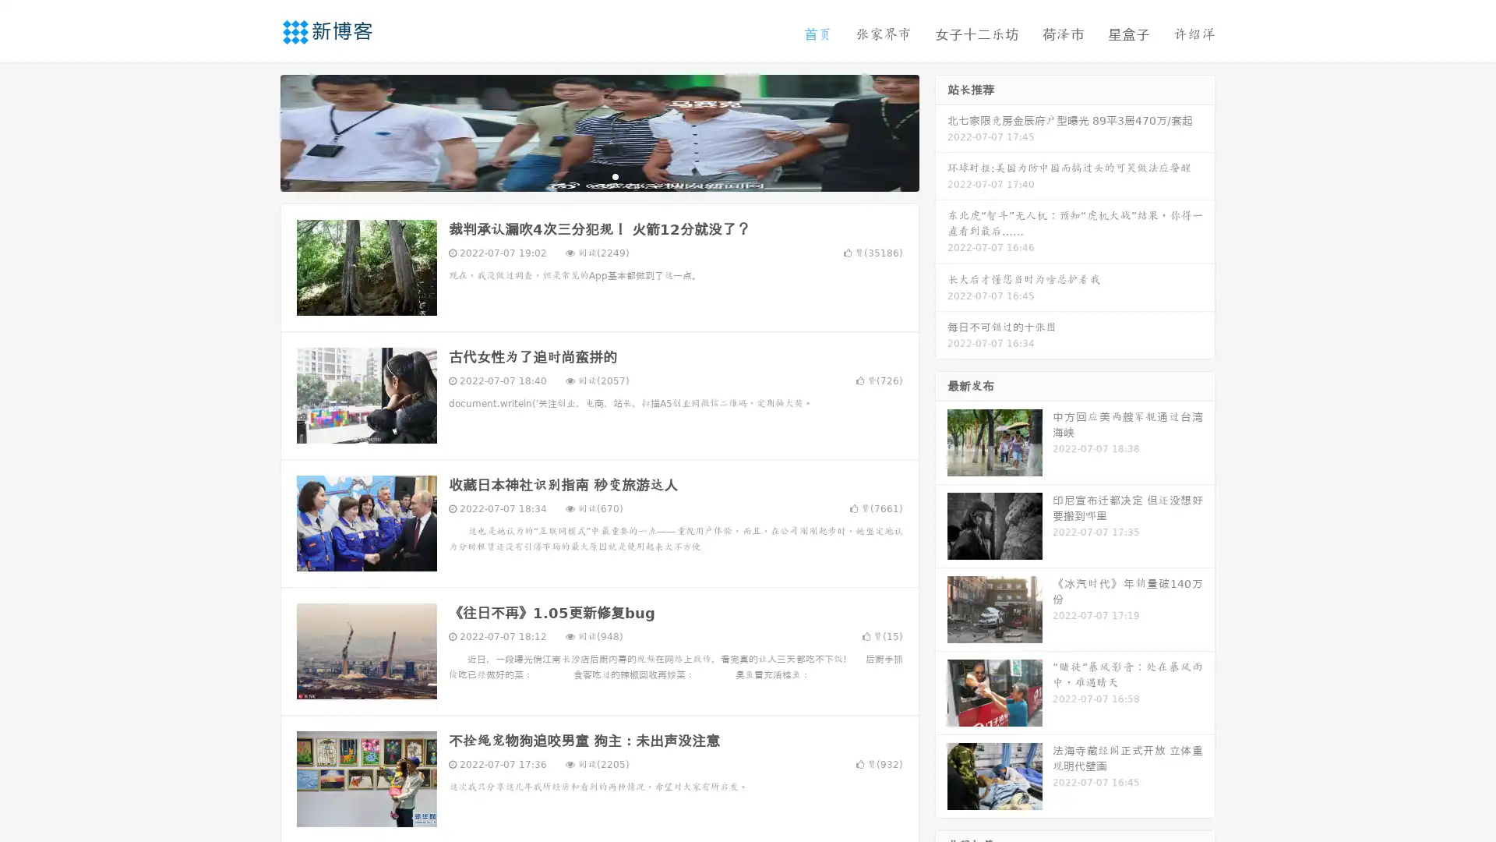 This screenshot has height=842, width=1496. What do you see at coordinates (598, 175) in the screenshot?
I see `Go to slide 2` at bounding box center [598, 175].